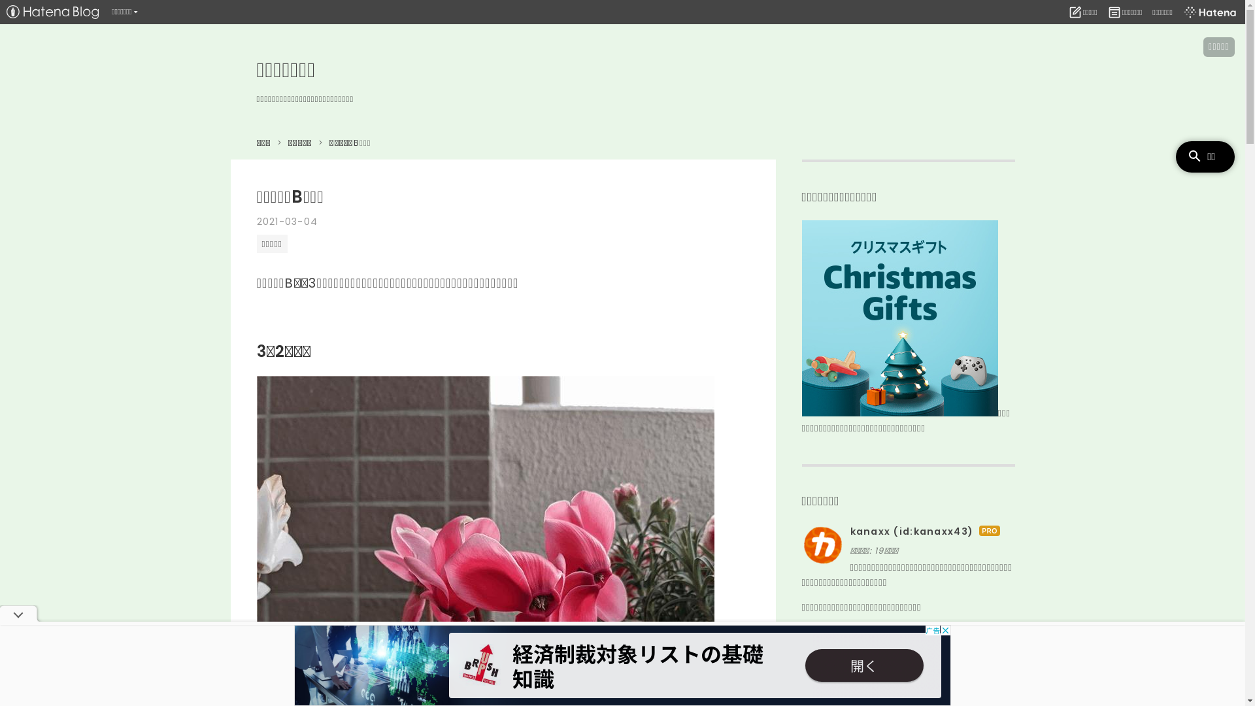 Image resolution: width=1255 pixels, height=706 pixels. Describe the element at coordinates (911, 531) in the screenshot. I see `'kanaxx (id:kanaxx43)'` at that location.